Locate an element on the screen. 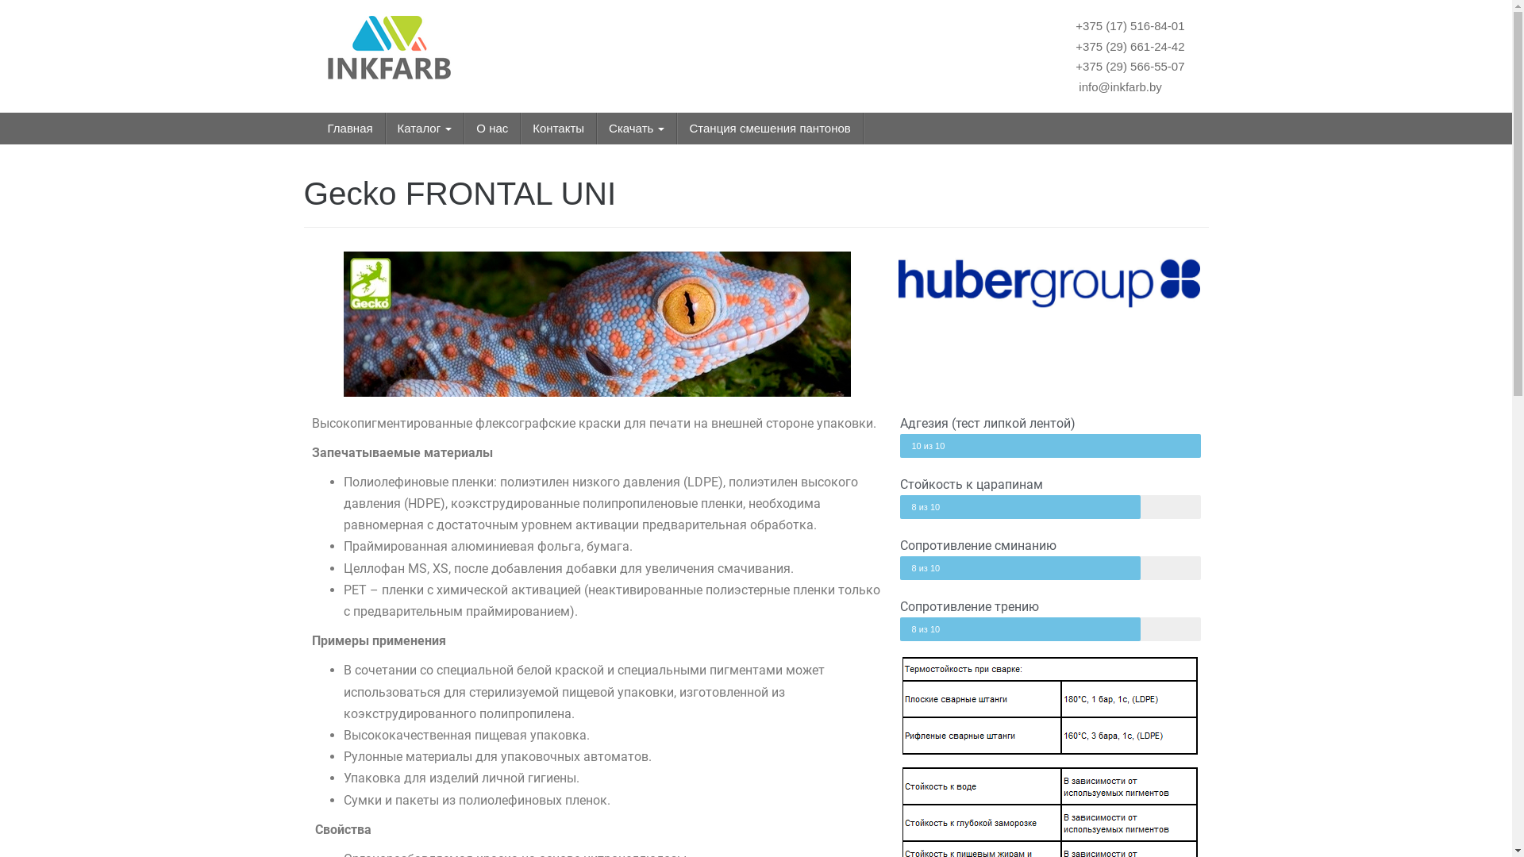 This screenshot has width=1524, height=857. 'info@inkfarb.by' is located at coordinates (1118, 86).